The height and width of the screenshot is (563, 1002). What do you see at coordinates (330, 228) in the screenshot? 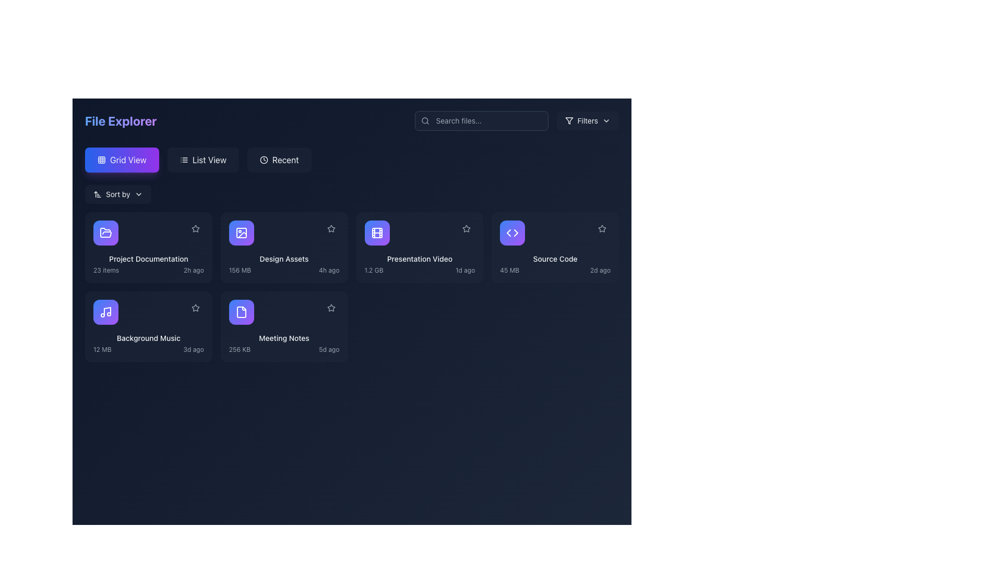
I see `the star-shaped icon located in the upper-right corner of the 'Design Assets' card` at bounding box center [330, 228].